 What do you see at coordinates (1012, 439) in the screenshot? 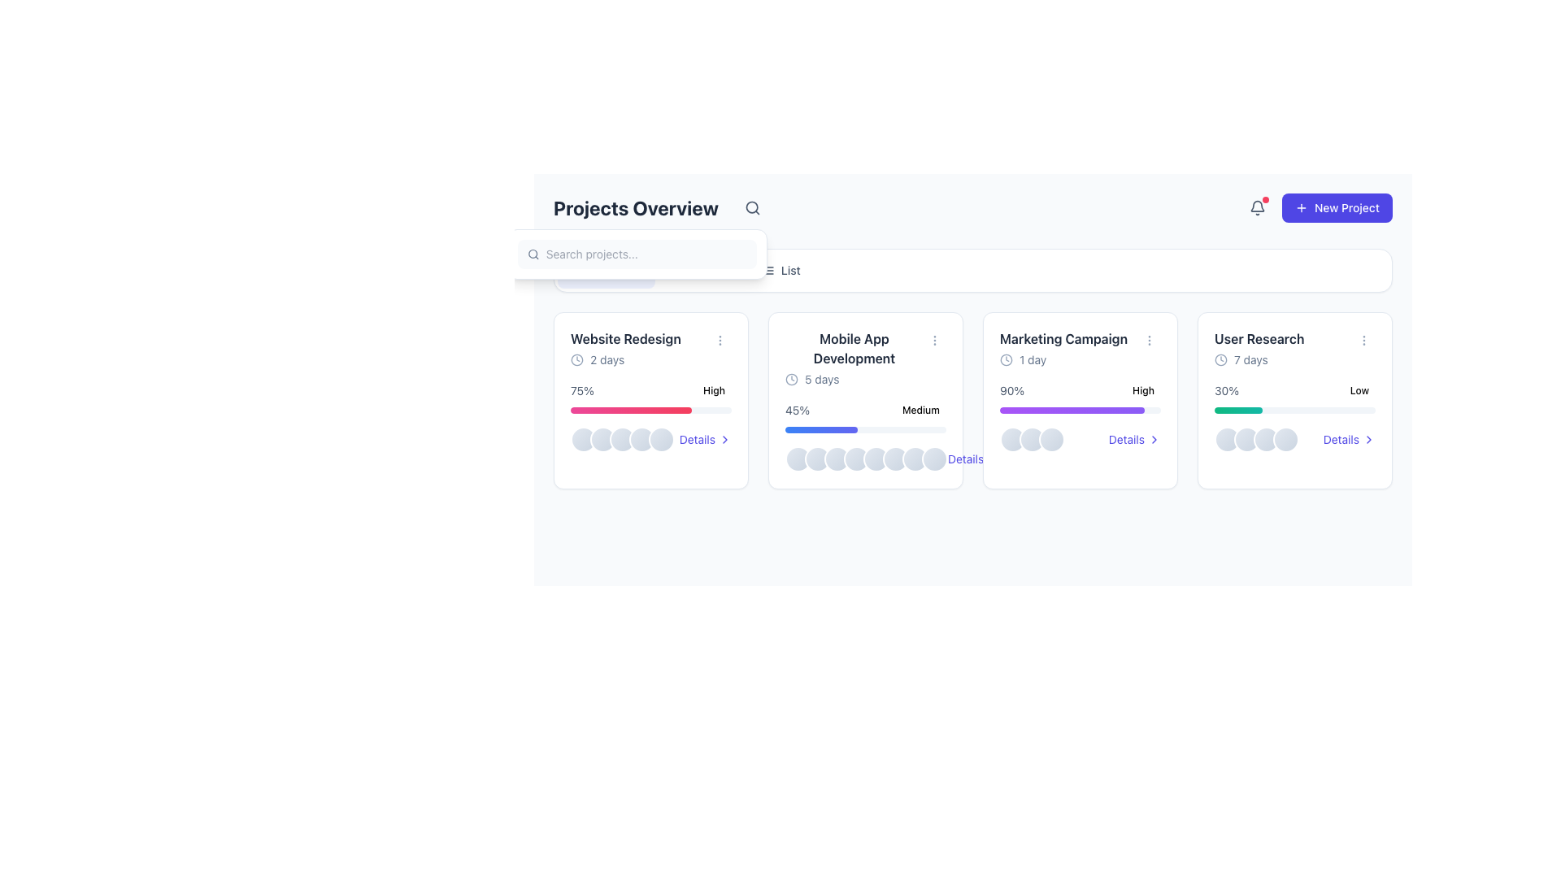
I see `the leftmost circular decorative UI component, which serves as an avatar placeholder within a horizontal group of three, located at the bottom center of the 'Marketing Campaign' card` at bounding box center [1012, 439].